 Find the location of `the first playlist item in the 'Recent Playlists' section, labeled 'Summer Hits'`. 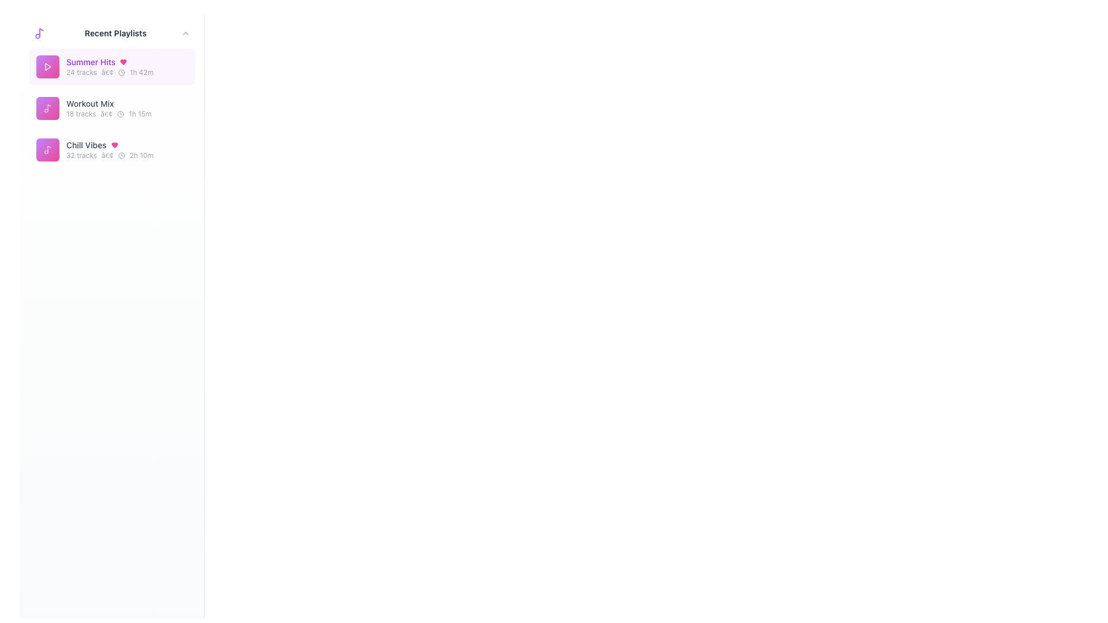

the first playlist item in the 'Recent Playlists' section, labeled 'Summer Hits' is located at coordinates (112, 66).